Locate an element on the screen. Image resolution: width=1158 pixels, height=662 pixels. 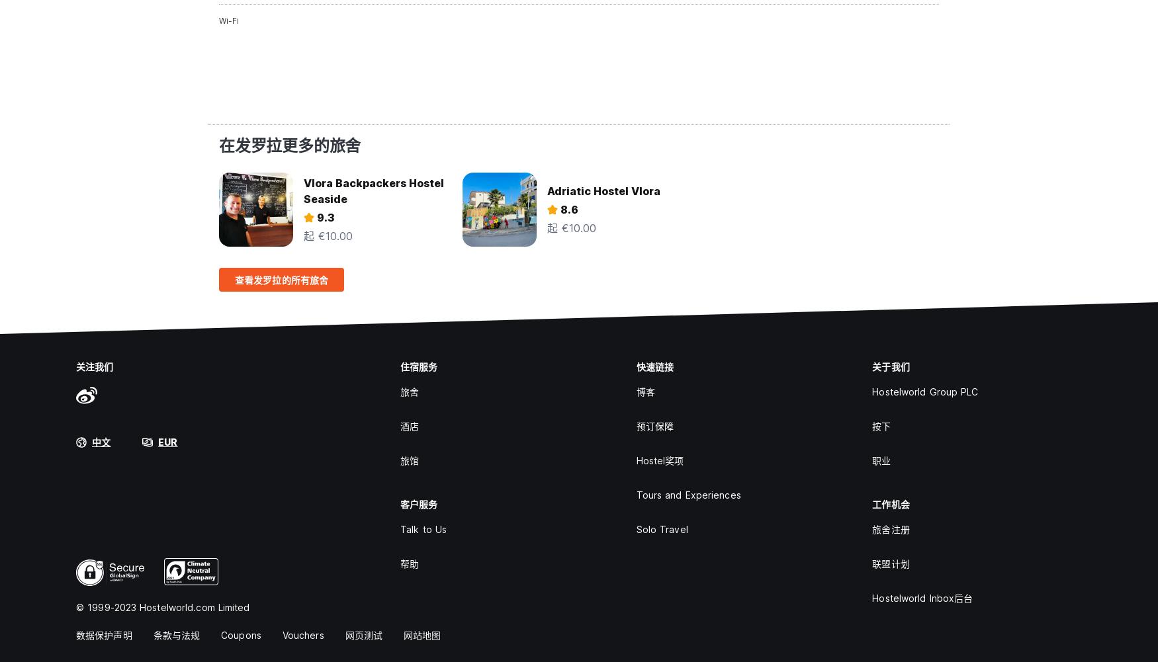
'Tours and Experiences' is located at coordinates (688, 495).